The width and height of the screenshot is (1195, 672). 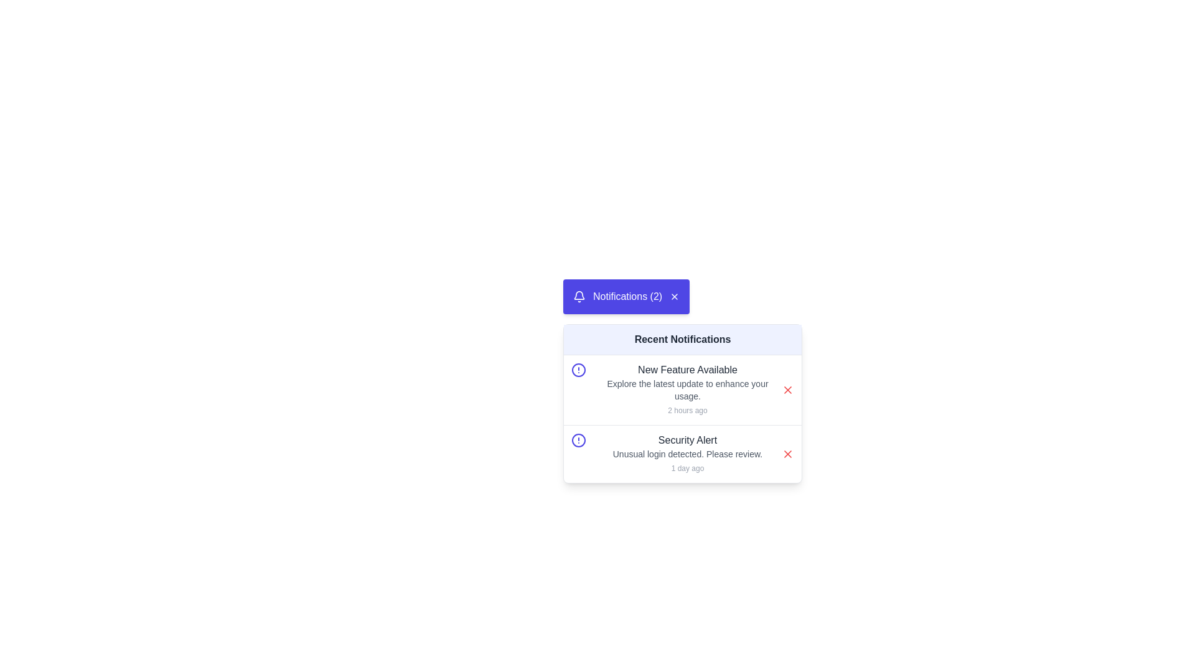 What do you see at coordinates (578, 369) in the screenshot?
I see `the notification alert icon located at the top-left corner of the notification list, adjacent to the 'New Feature Available' text` at bounding box center [578, 369].